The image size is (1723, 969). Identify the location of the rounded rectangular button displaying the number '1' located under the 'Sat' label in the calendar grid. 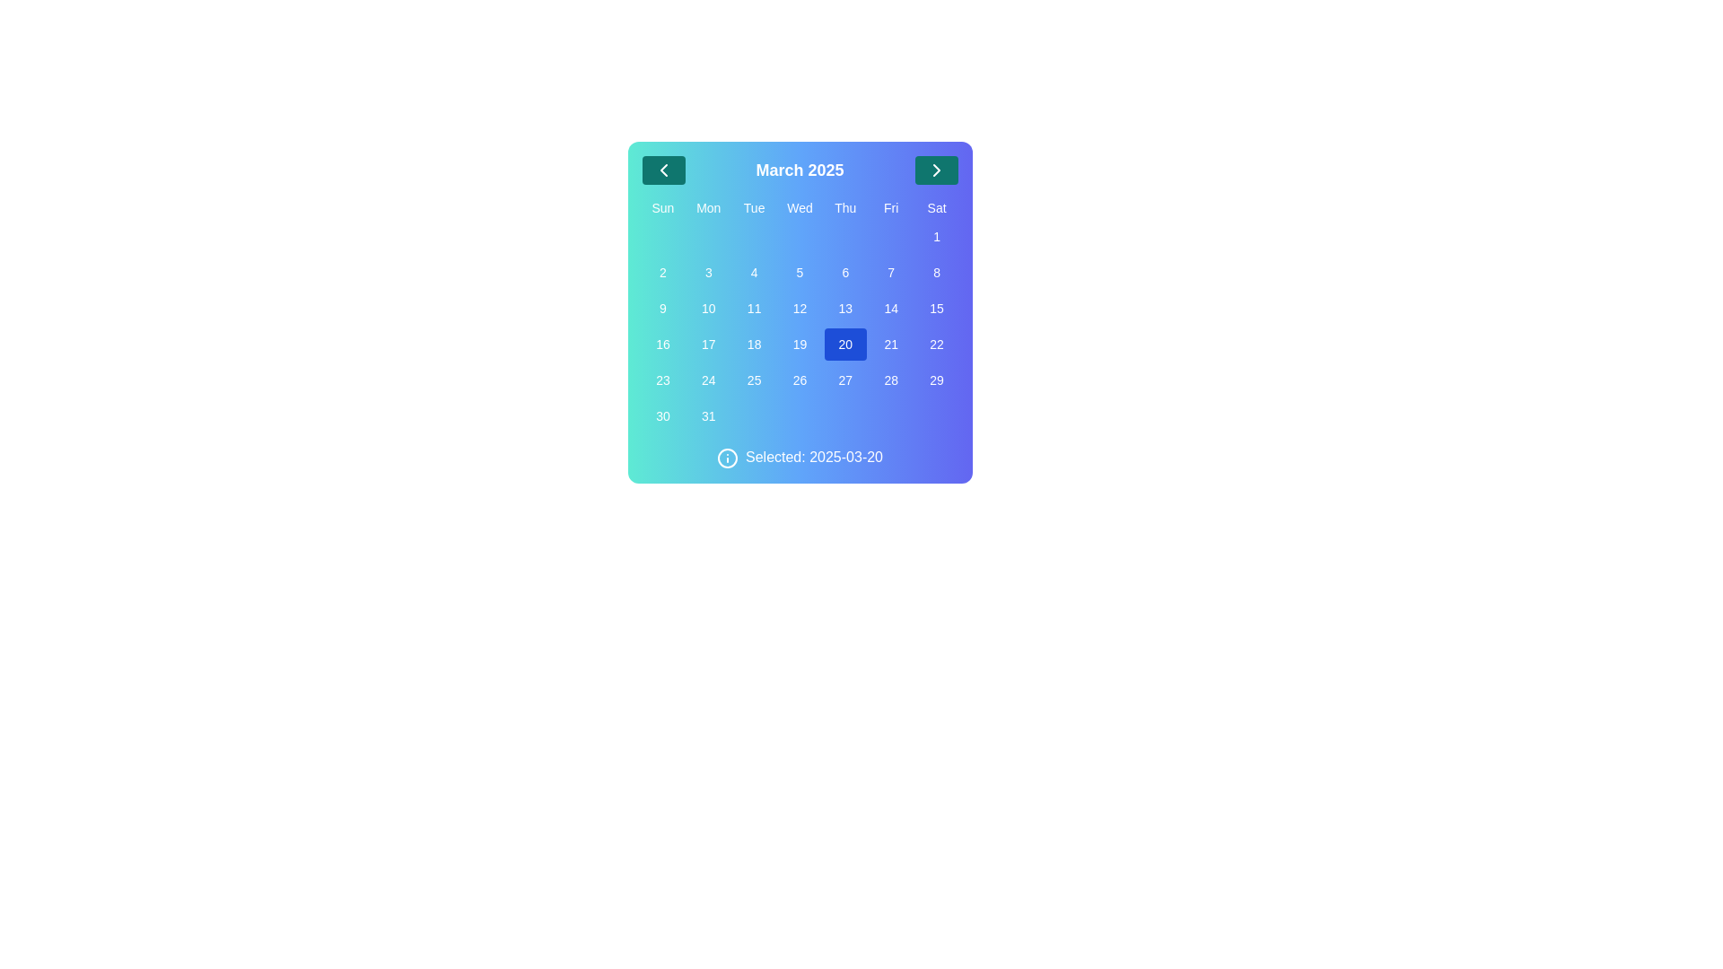
(936, 235).